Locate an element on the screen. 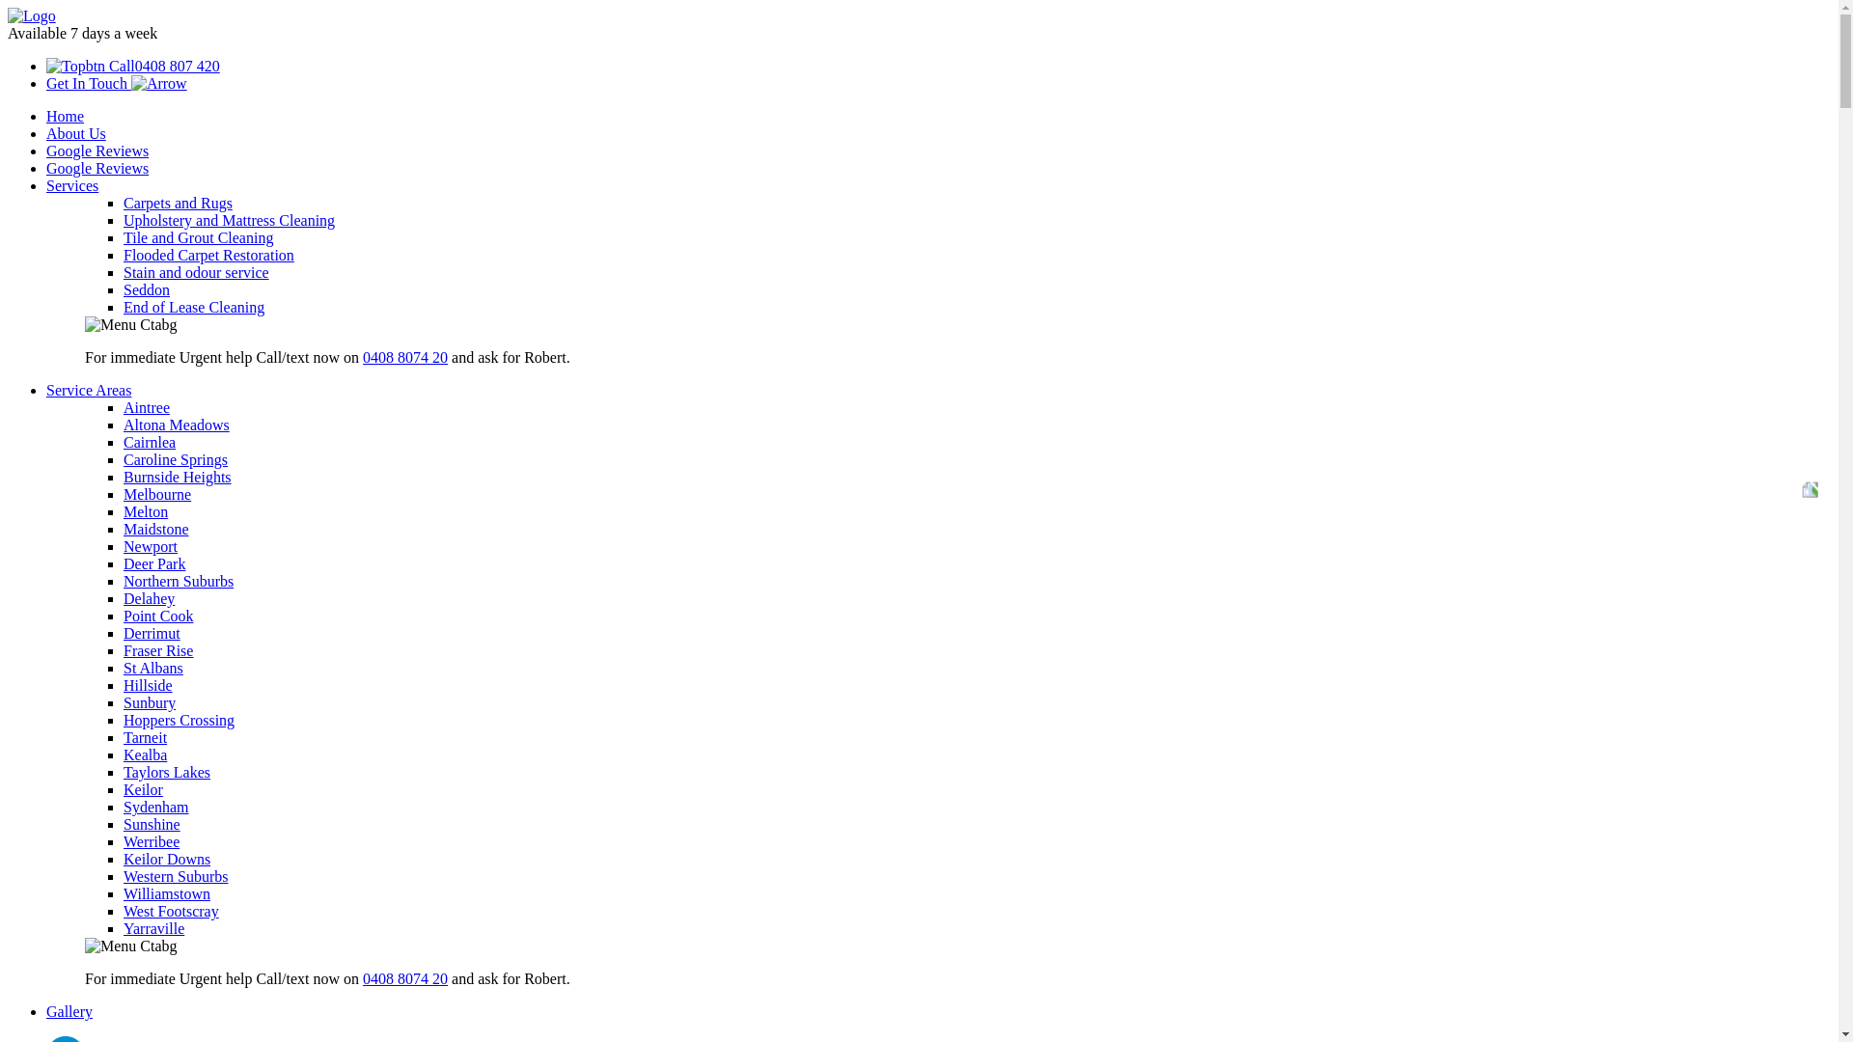 The image size is (1853, 1042). 'Point Cook' is located at coordinates (157, 616).